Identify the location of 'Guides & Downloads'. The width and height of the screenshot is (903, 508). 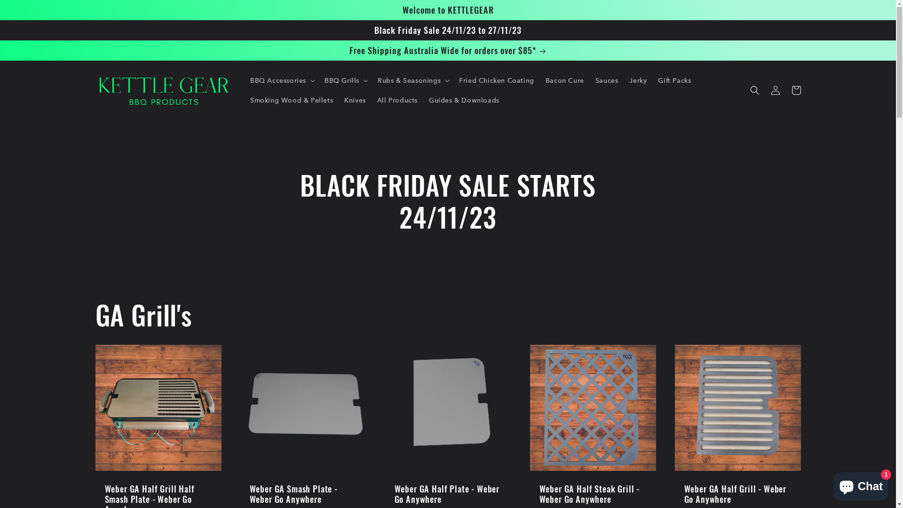
(423, 100).